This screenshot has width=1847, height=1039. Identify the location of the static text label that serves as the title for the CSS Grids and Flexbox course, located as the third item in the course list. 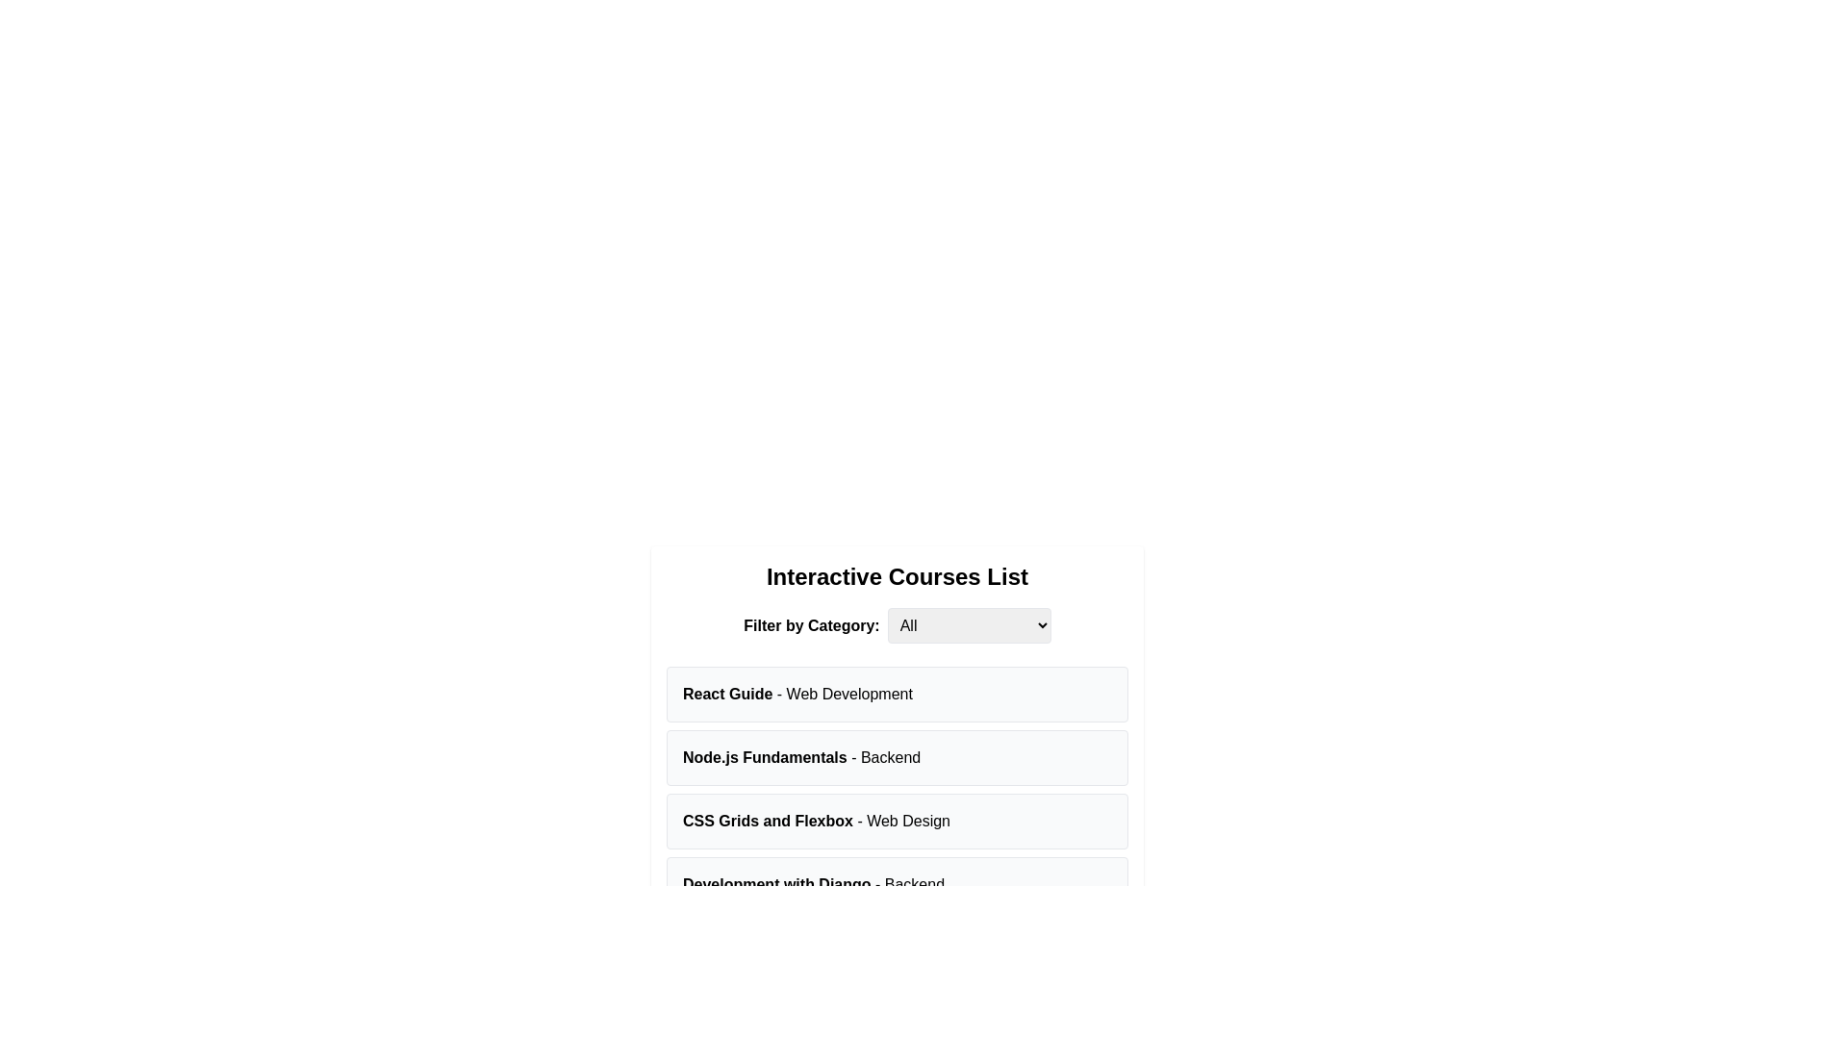
(767, 821).